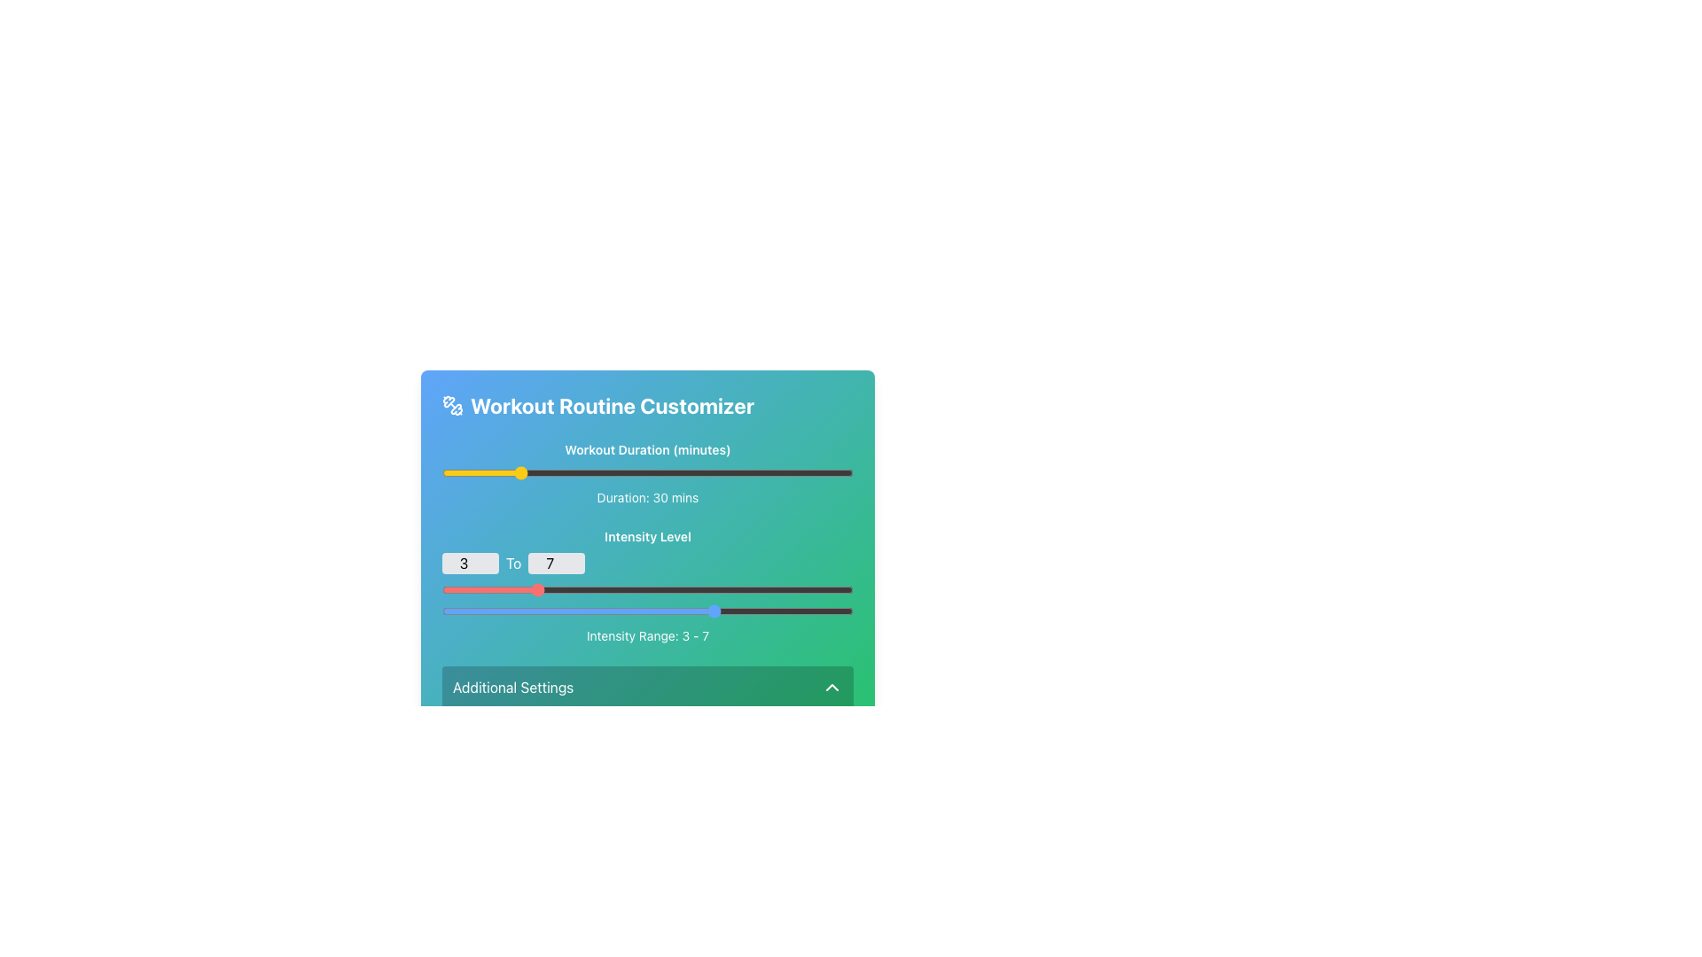 The height and width of the screenshot is (957, 1702). What do you see at coordinates (603, 471) in the screenshot?
I see `workout duration` at bounding box center [603, 471].